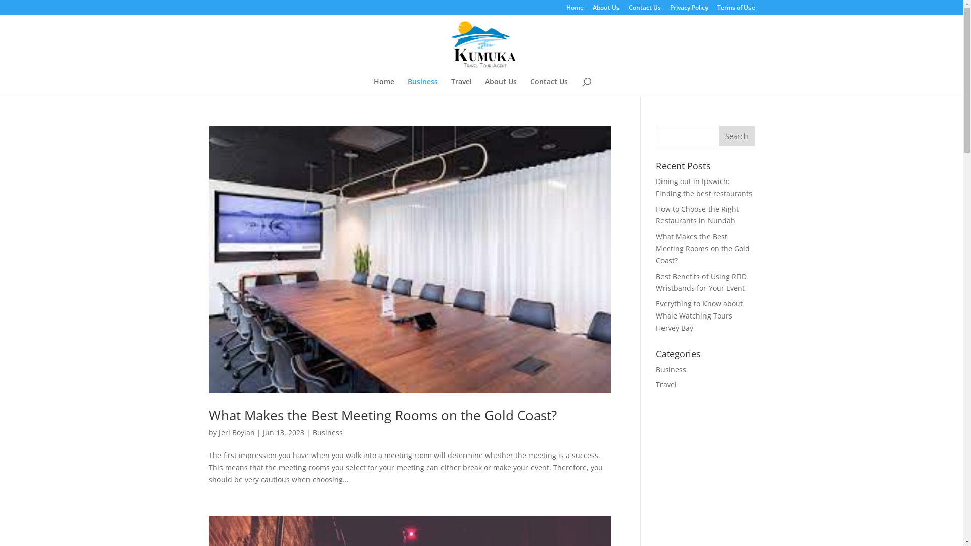  What do you see at coordinates (500, 87) in the screenshot?
I see `'About Us'` at bounding box center [500, 87].